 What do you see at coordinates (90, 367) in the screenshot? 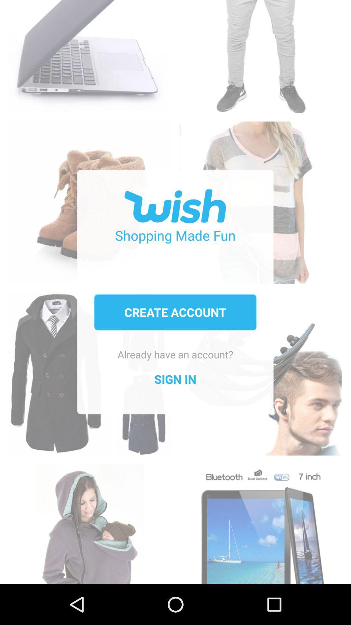
I see `item on the left` at bounding box center [90, 367].